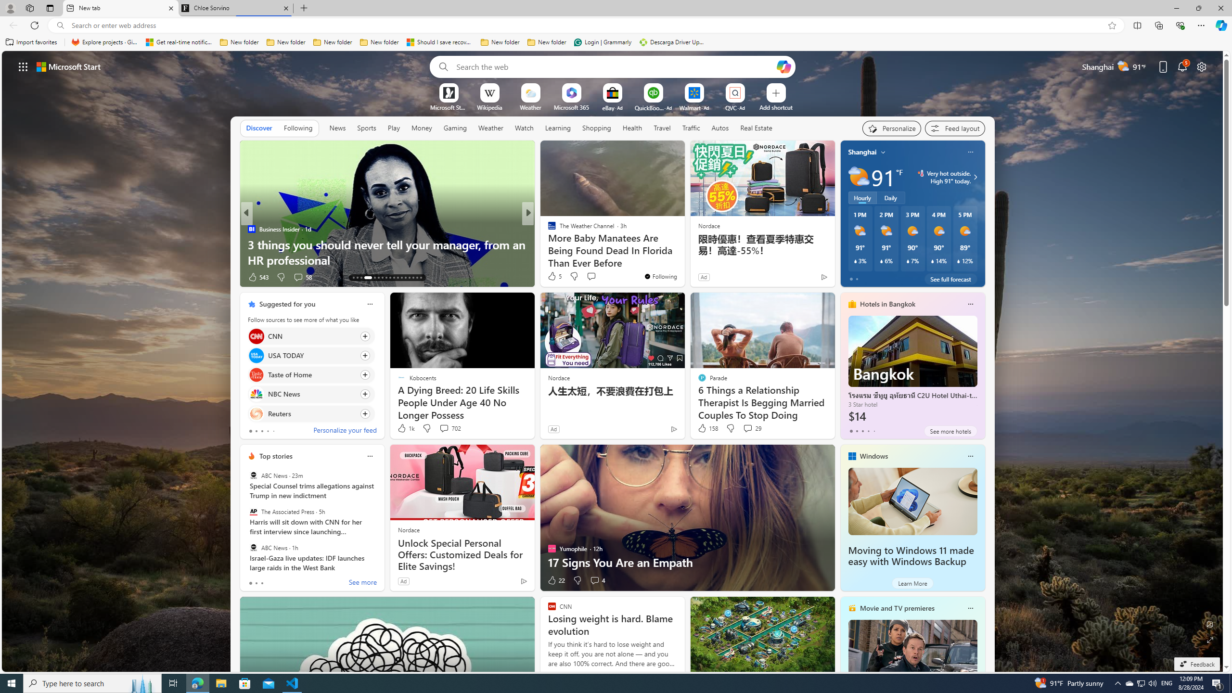 The height and width of the screenshot is (693, 1232). Describe the element at coordinates (547, 228) in the screenshot. I see `'BuzzFeed'` at that location.